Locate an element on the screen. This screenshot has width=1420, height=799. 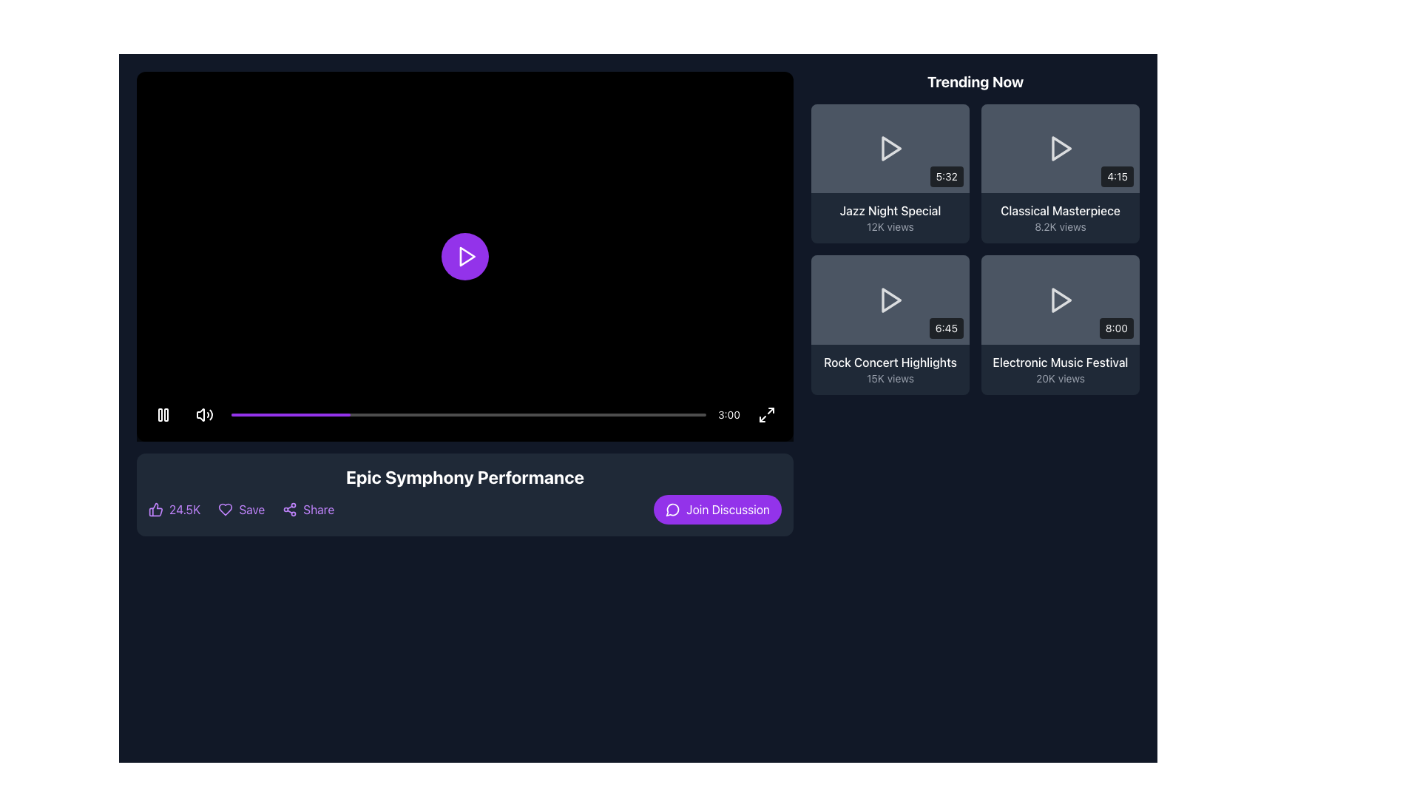
the thumbs-up icon located below the video section on the left side of the interface, which is styled with a line art design and positioned to the left of the text '24.5K' is located at coordinates (156, 508).